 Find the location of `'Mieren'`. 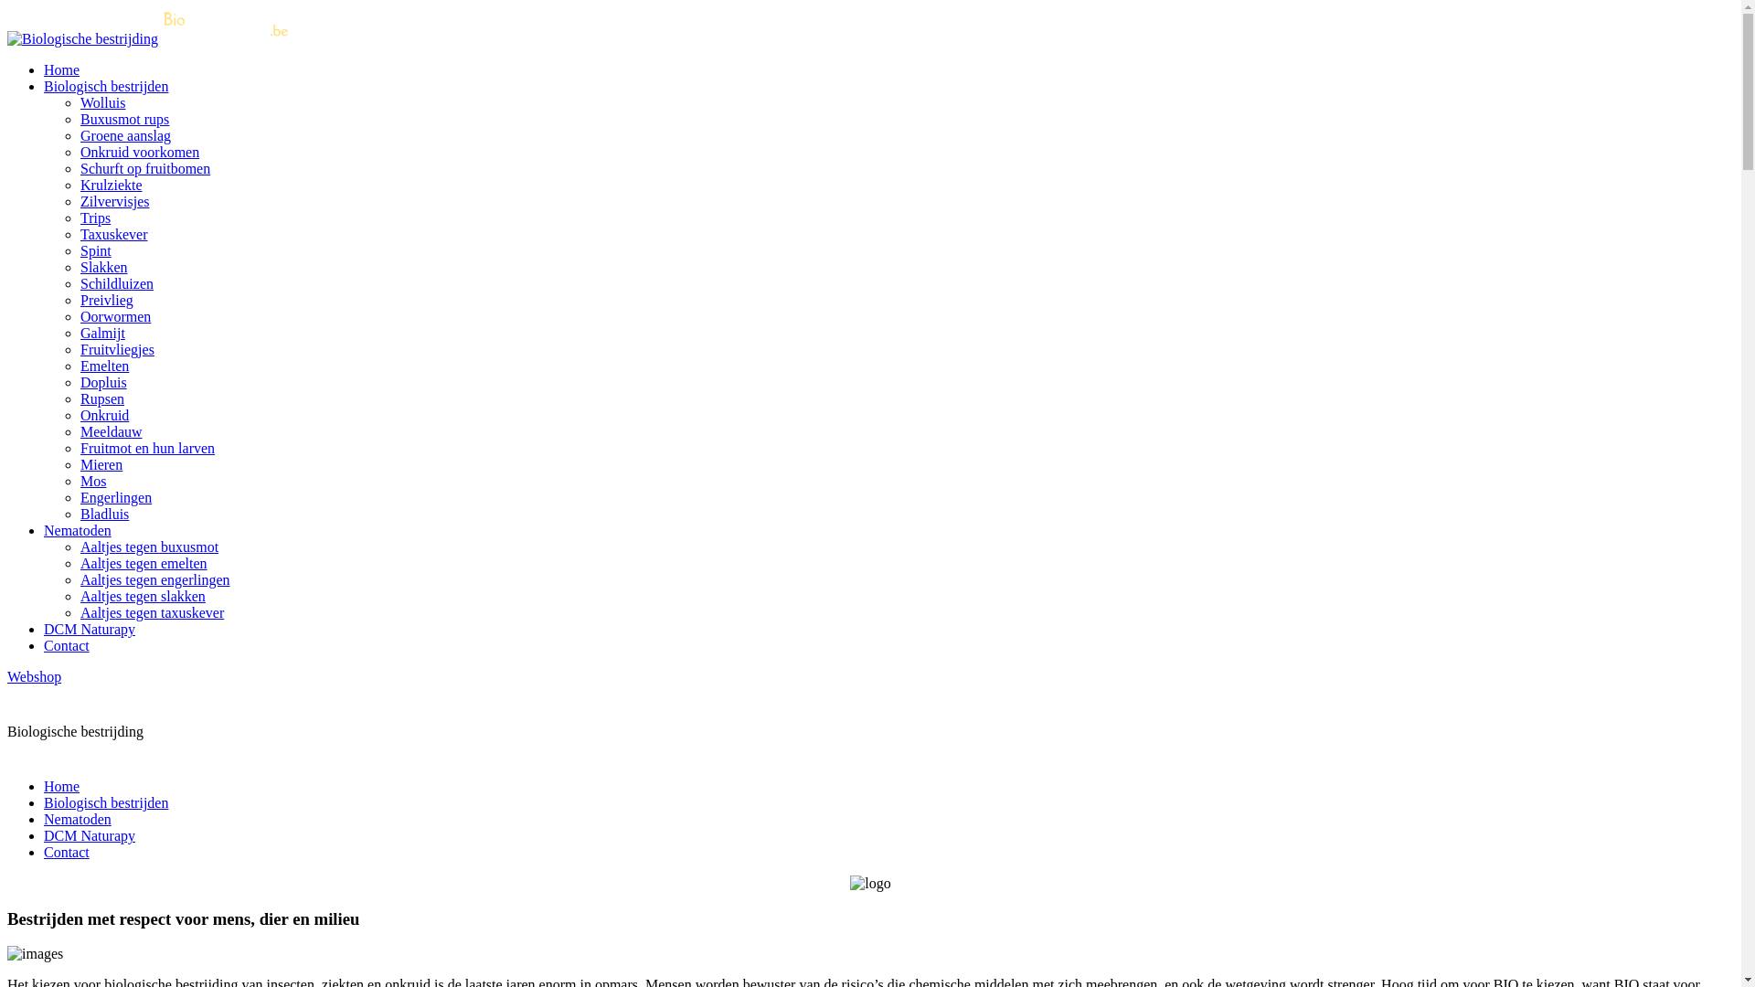

'Mieren' is located at coordinates (100, 463).